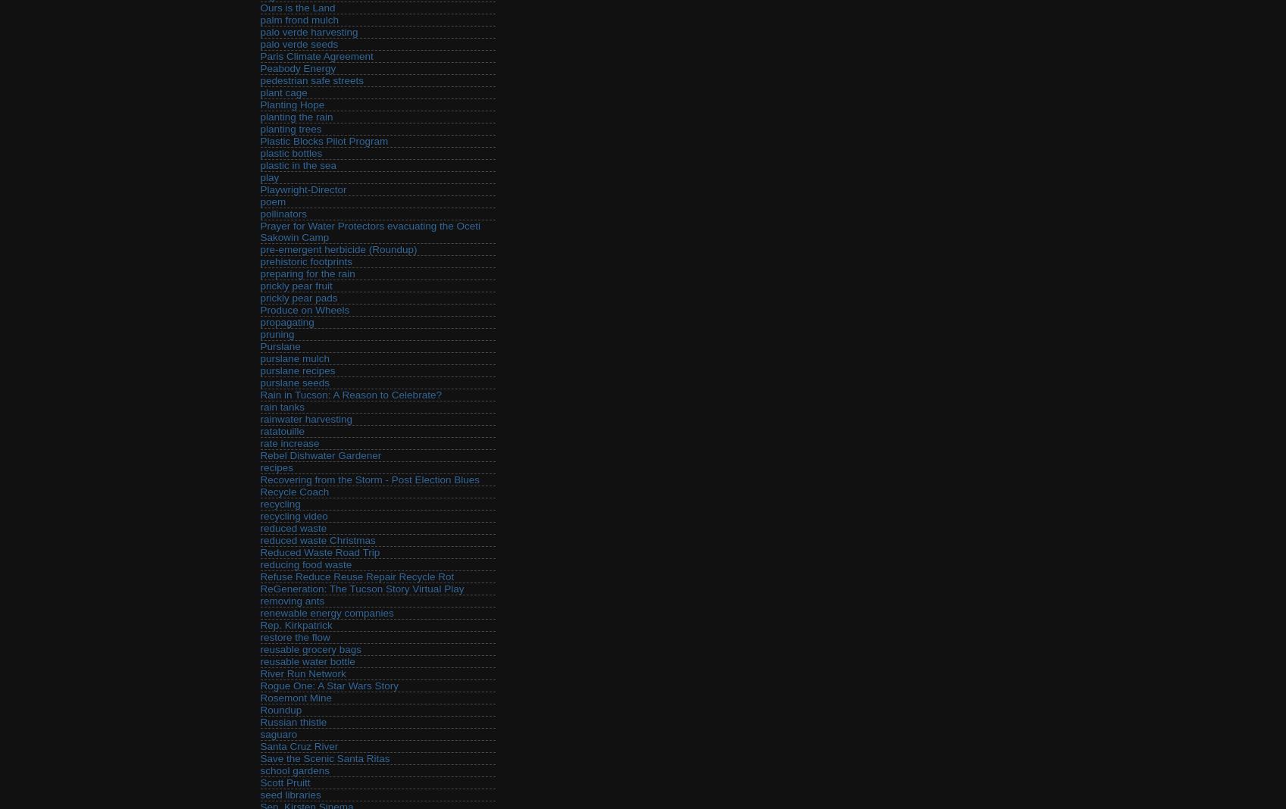  I want to click on 'rate increase', so click(289, 442).